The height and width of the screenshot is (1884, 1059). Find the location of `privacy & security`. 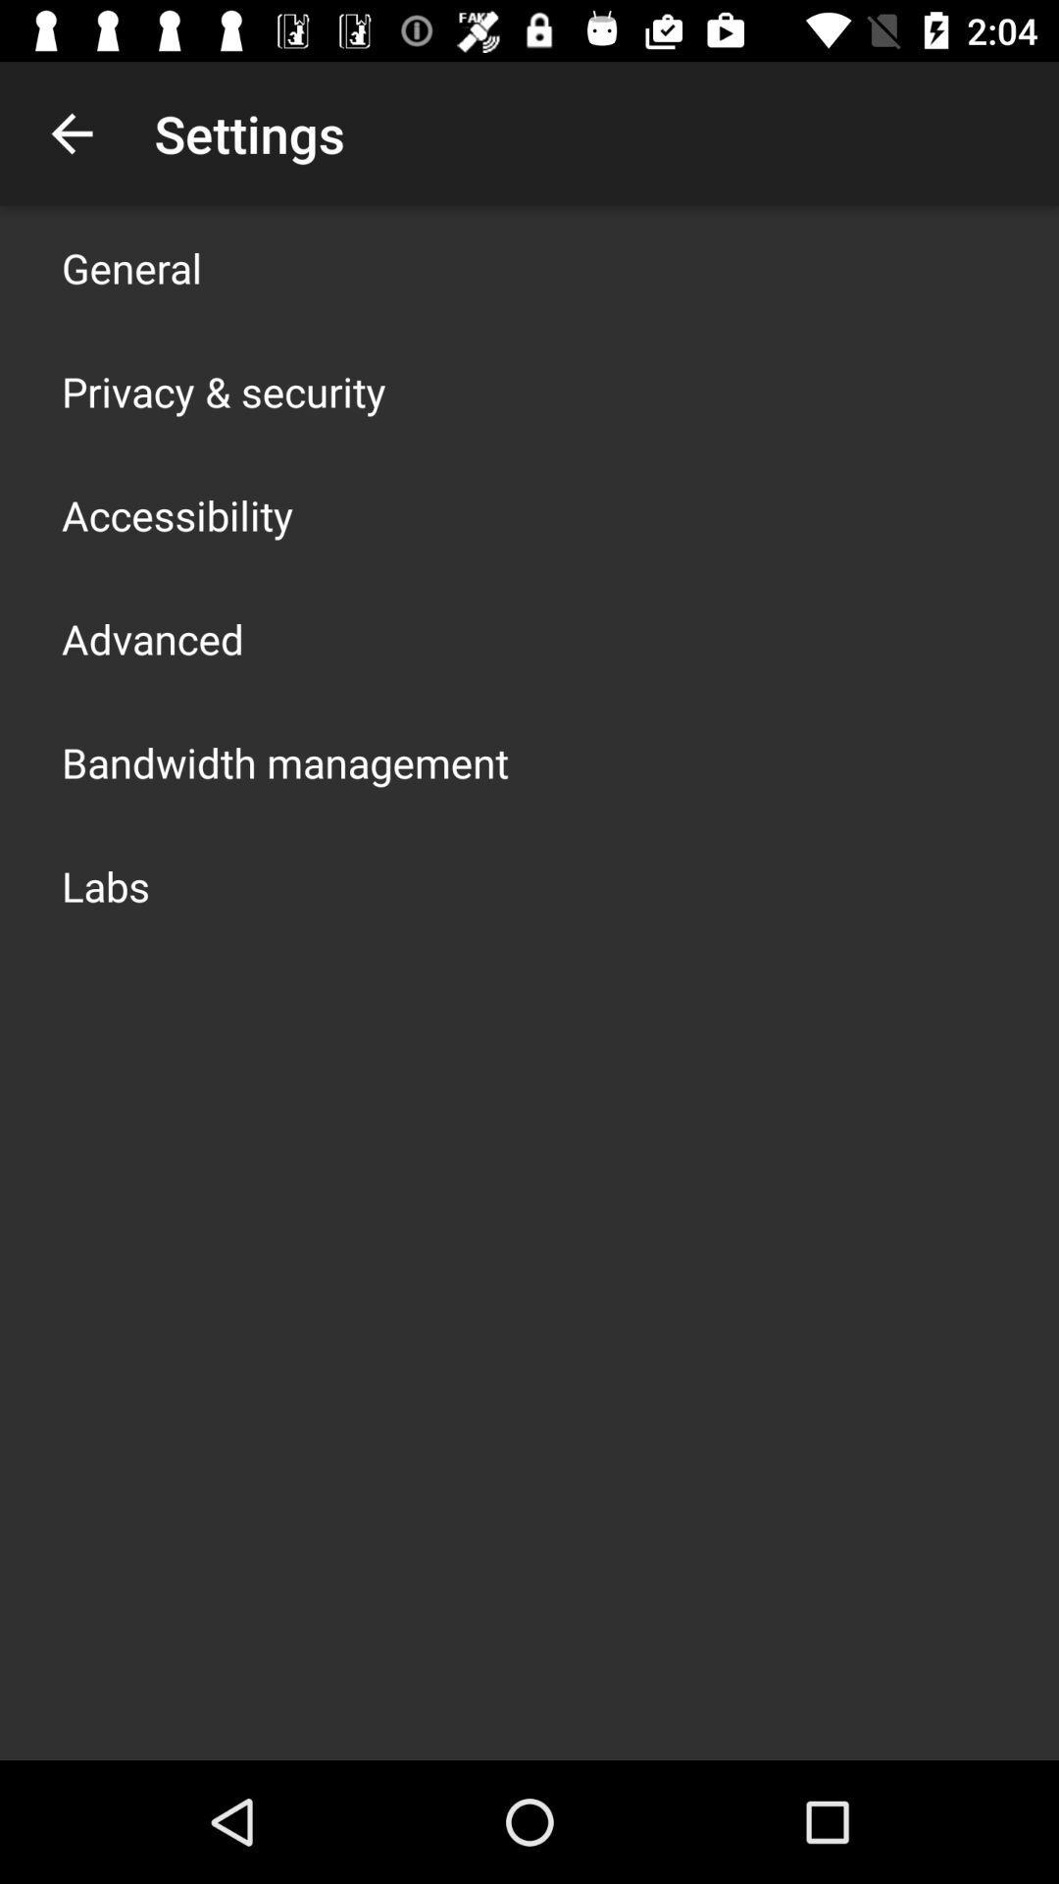

privacy & security is located at coordinates (223, 391).